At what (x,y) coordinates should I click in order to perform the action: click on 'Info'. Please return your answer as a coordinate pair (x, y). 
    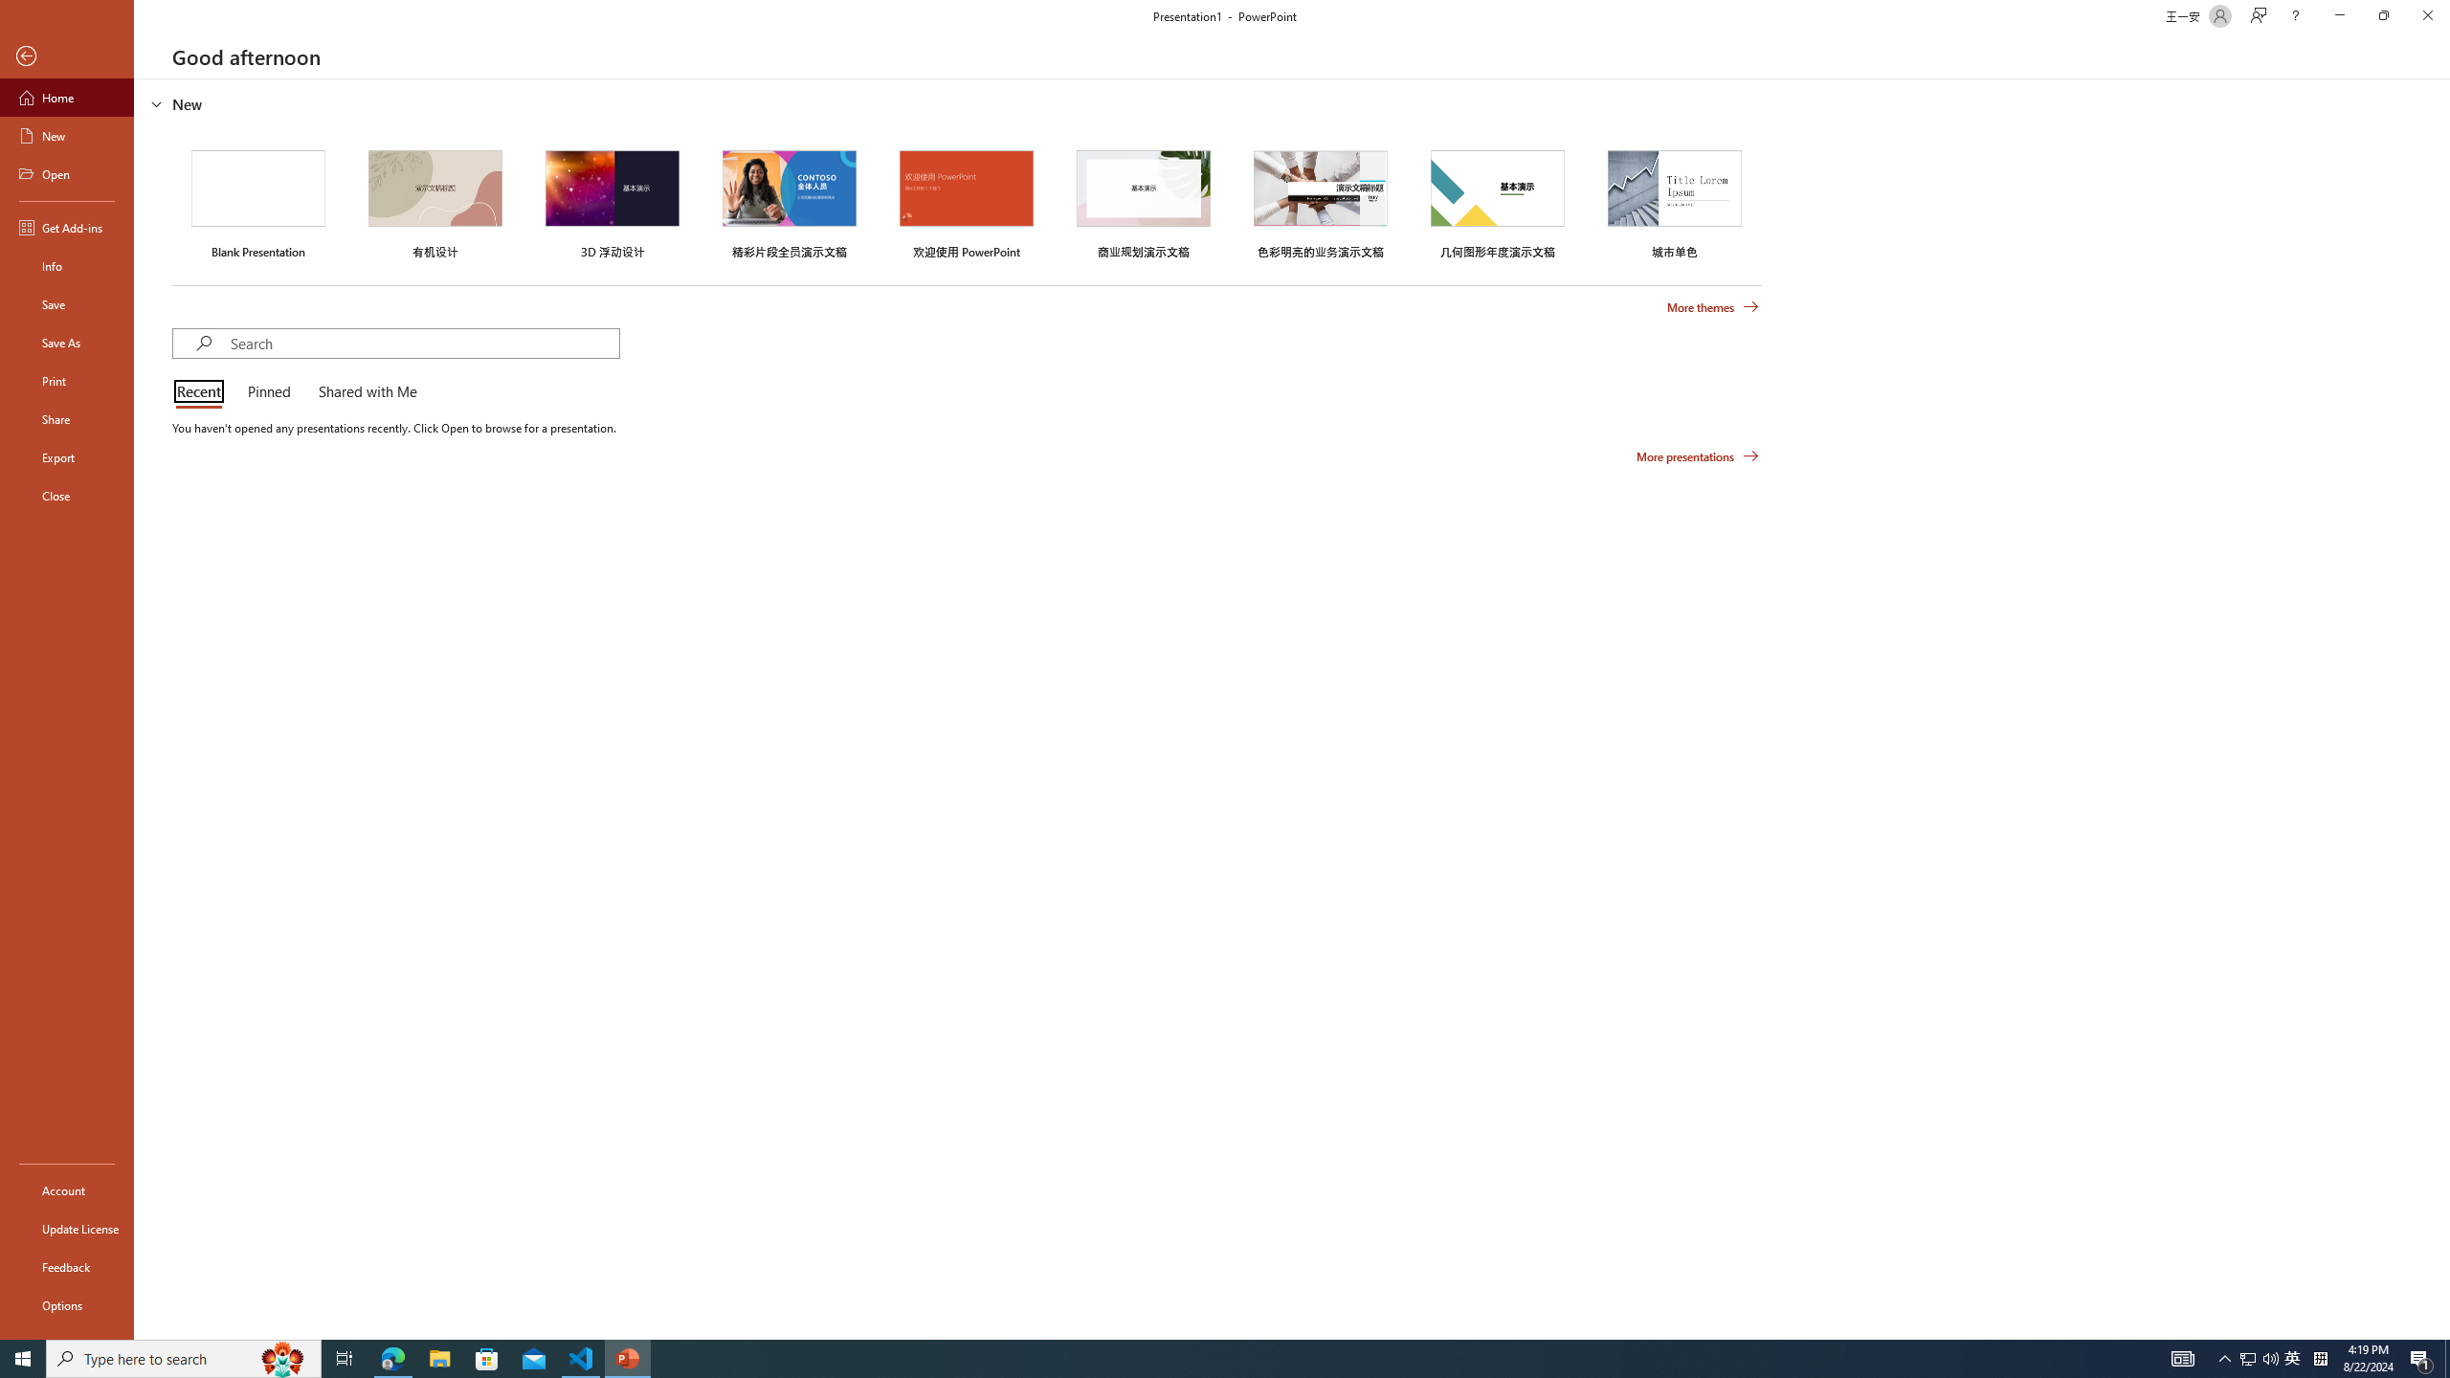
    Looking at the image, I should click on (66, 264).